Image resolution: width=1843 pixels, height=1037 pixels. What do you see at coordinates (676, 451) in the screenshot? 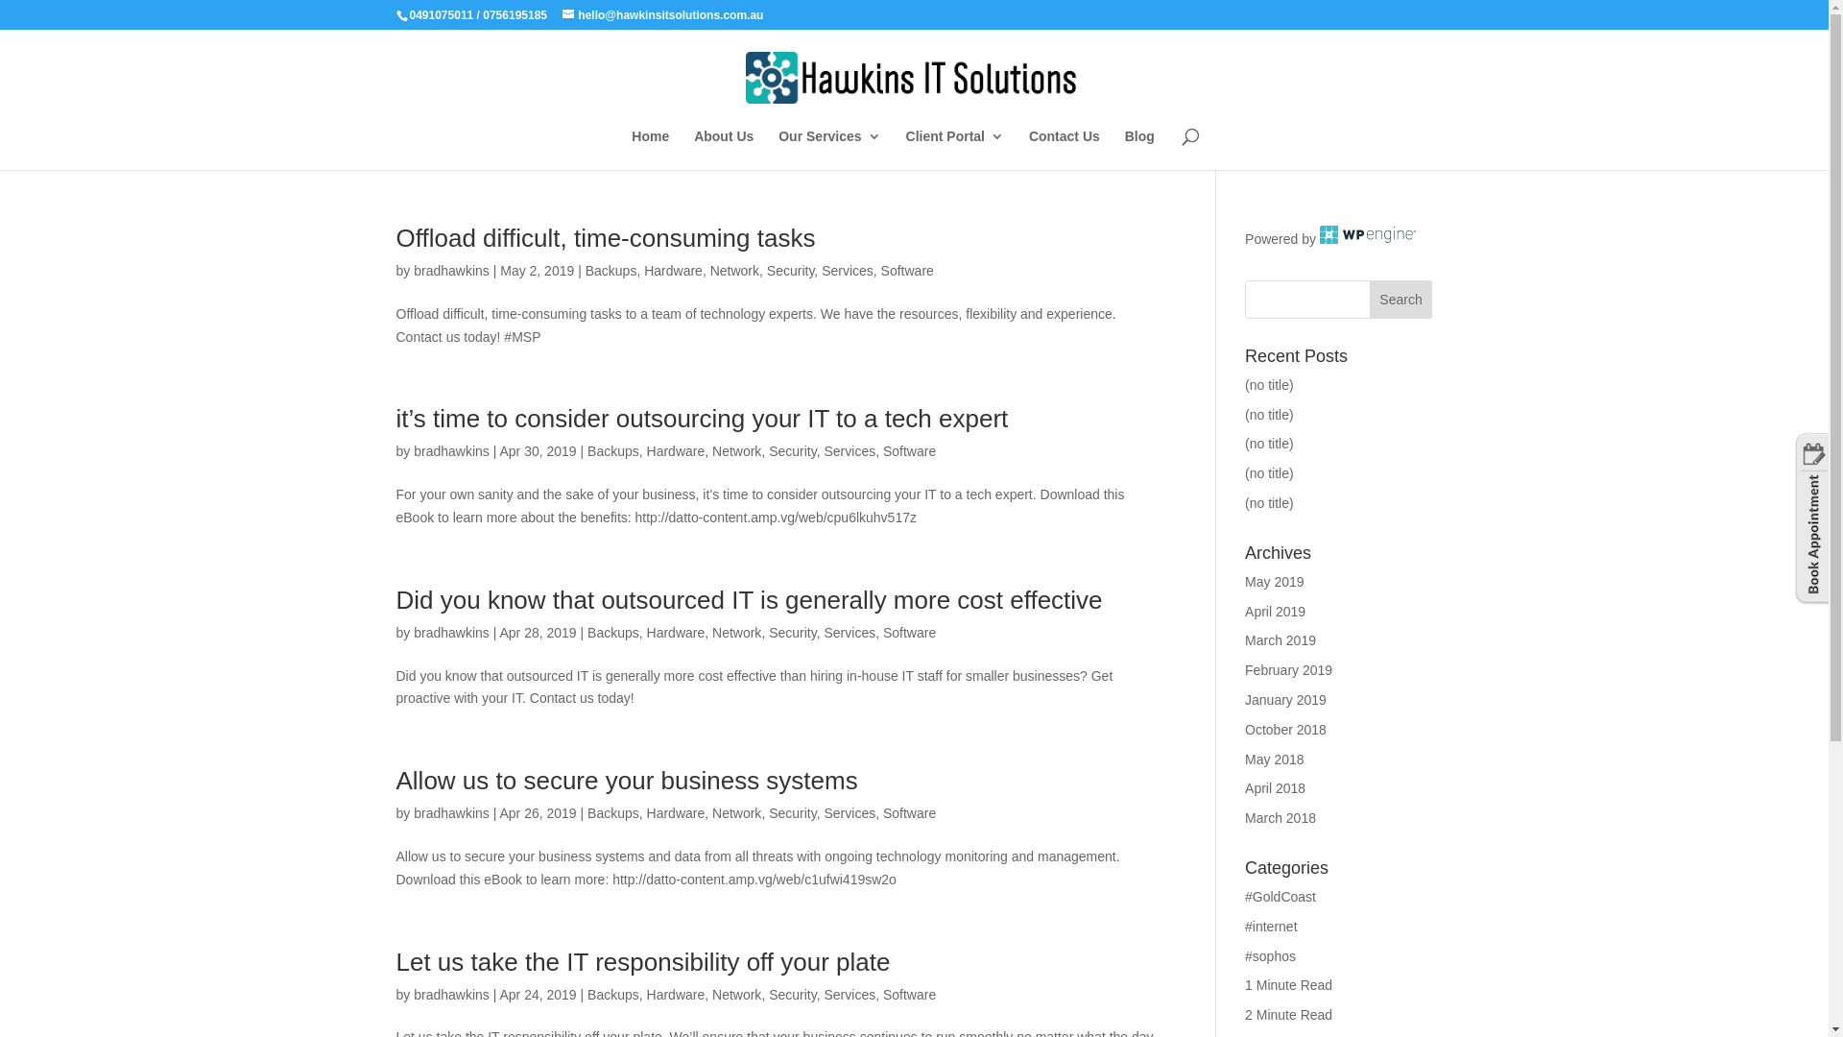
I see `'Hardware'` at bounding box center [676, 451].